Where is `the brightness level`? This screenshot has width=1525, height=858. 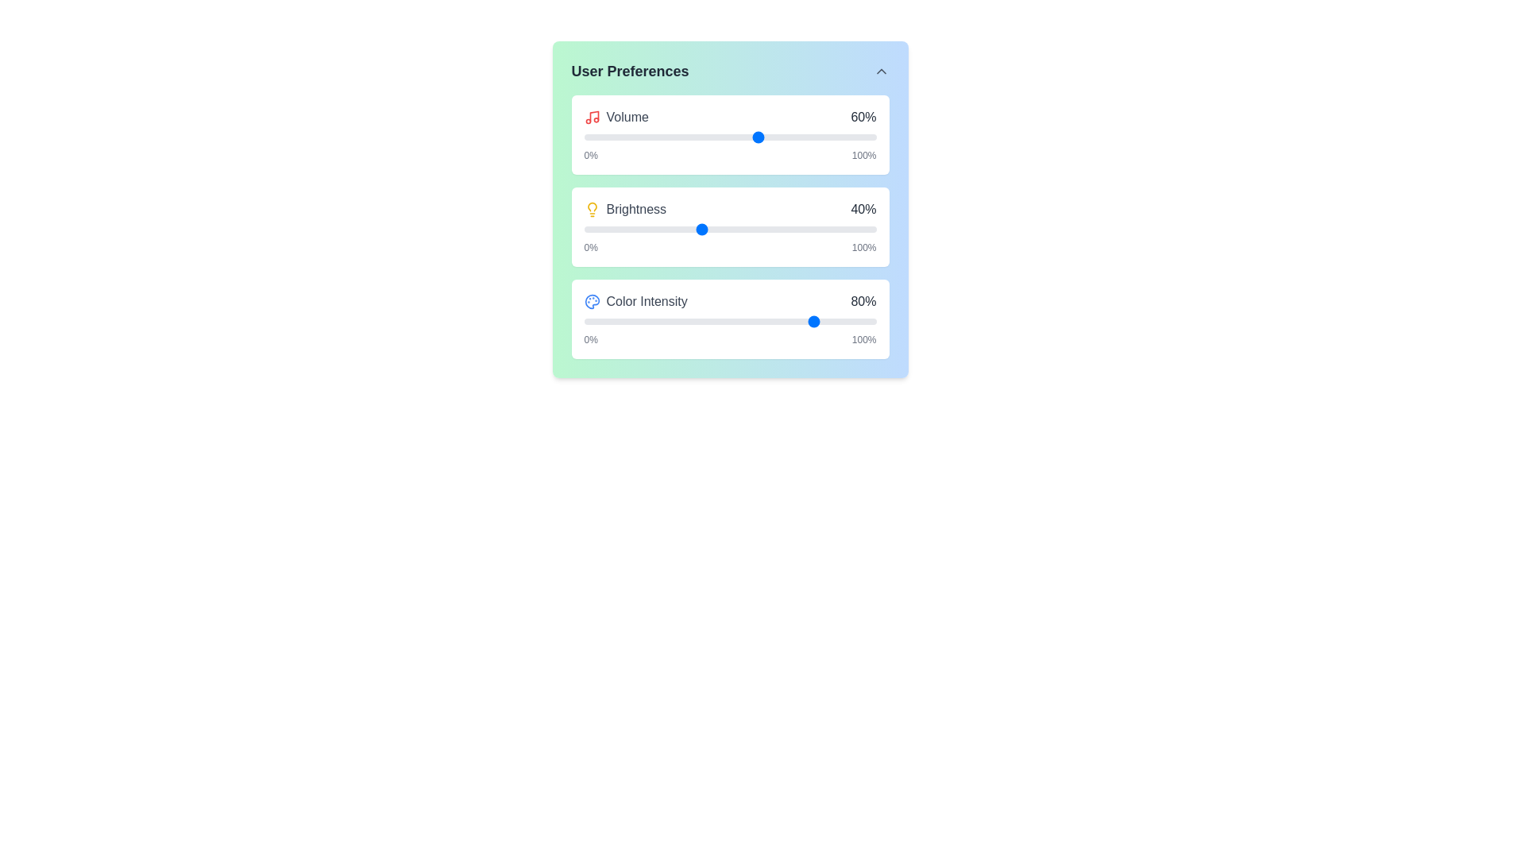 the brightness level is located at coordinates (643, 230).